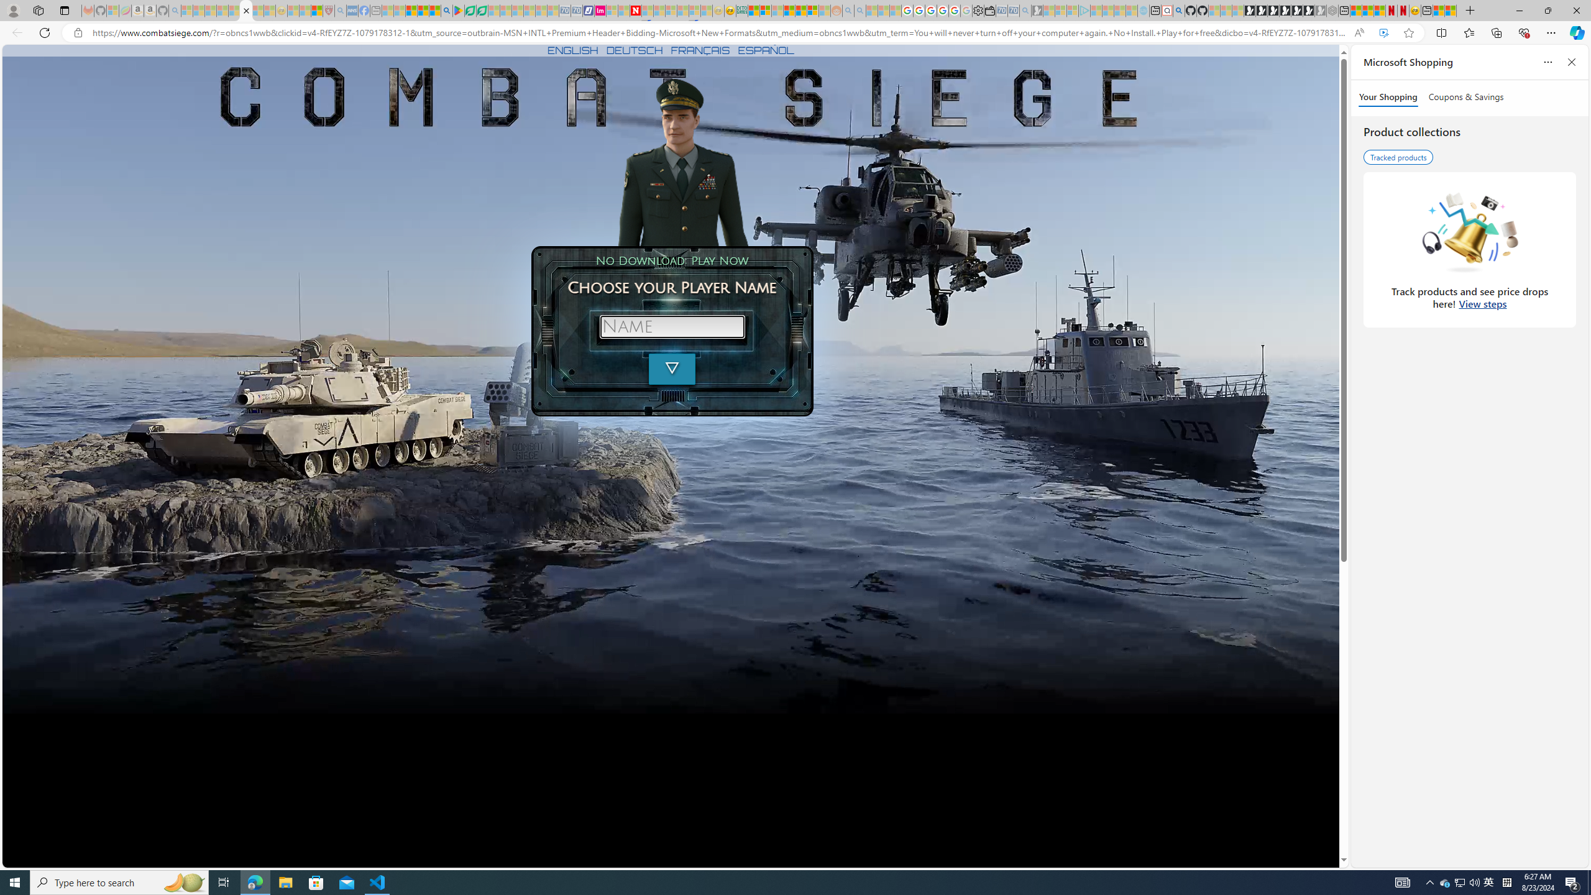 This screenshot has height=895, width=1591. I want to click on 'Pets - MSN', so click(423, 10).